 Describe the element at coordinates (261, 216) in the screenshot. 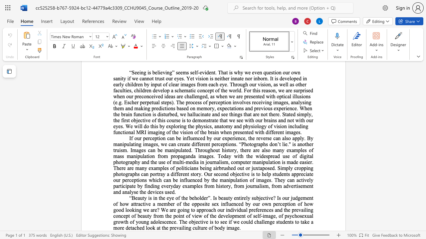

I see `the 1th character "-" in the text` at that location.